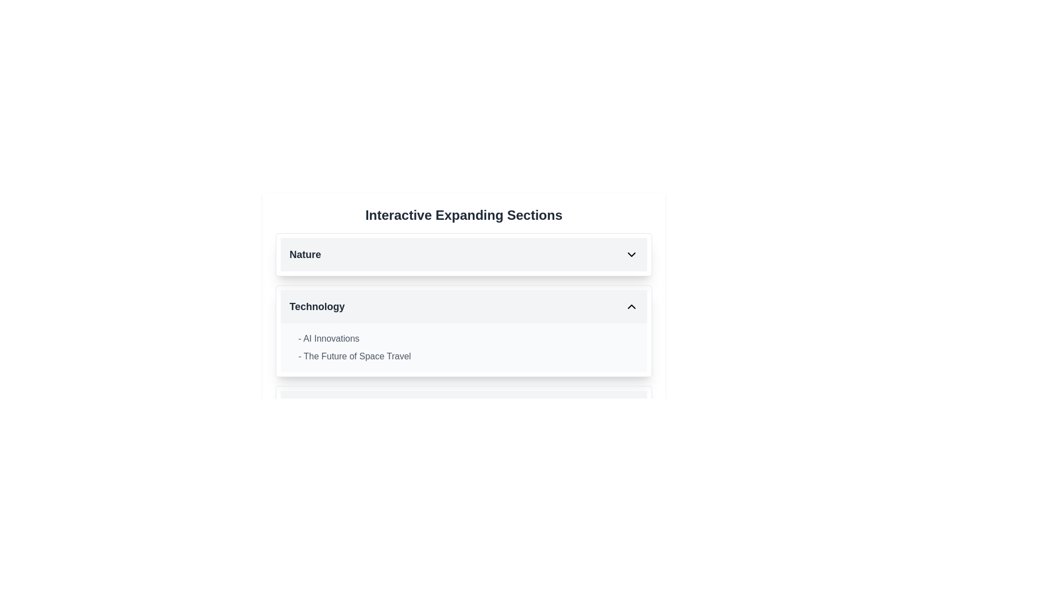  Describe the element at coordinates (464, 347) in the screenshot. I see `the Text Block summarizing topics '- AI Innovations' and '- The Future of Space Travel', located in the 'Technology' section just below its heading` at that location.